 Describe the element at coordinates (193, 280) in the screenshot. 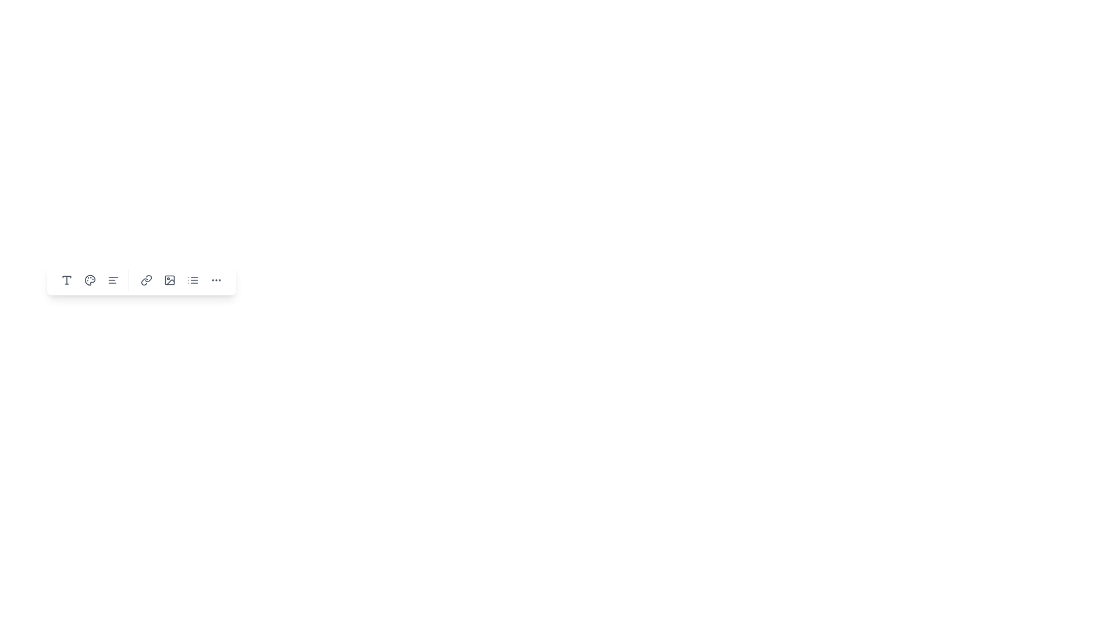

I see `the button with an embedded icon representing a list view, located as the fourth button from the left in the horizontal toolbar at the bottom of the interface` at that location.